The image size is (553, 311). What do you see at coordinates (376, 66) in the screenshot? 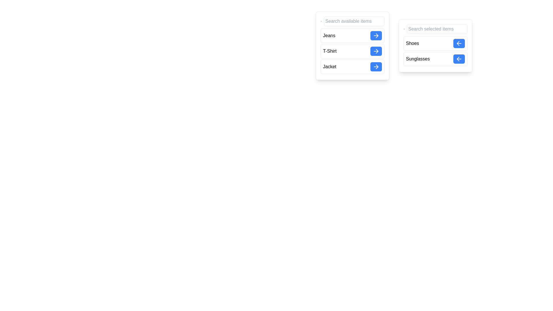
I see `the rightmost button in the row associated with the 'Jacket' item` at bounding box center [376, 66].